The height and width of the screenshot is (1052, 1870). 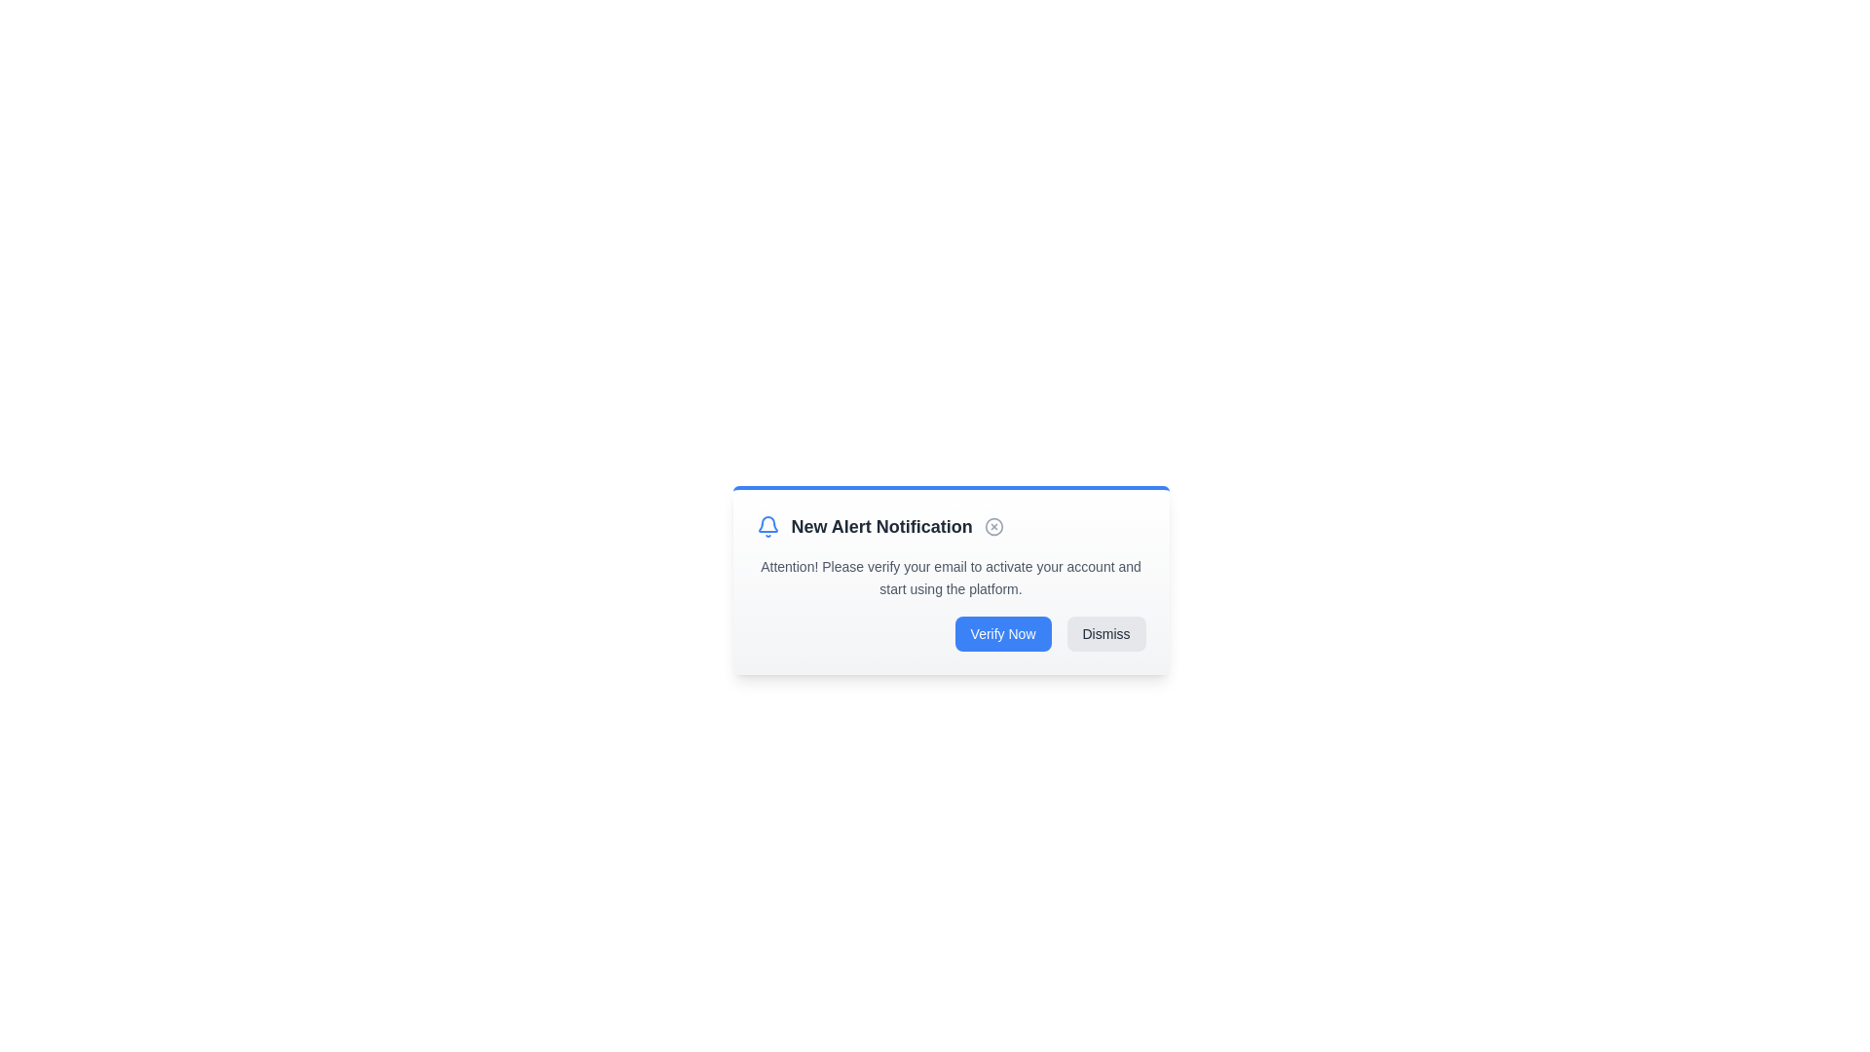 What do you see at coordinates (767, 526) in the screenshot?
I see `the notification alert icon, which is a bell icon positioned to the left of the title 'New Alert Notification'` at bounding box center [767, 526].